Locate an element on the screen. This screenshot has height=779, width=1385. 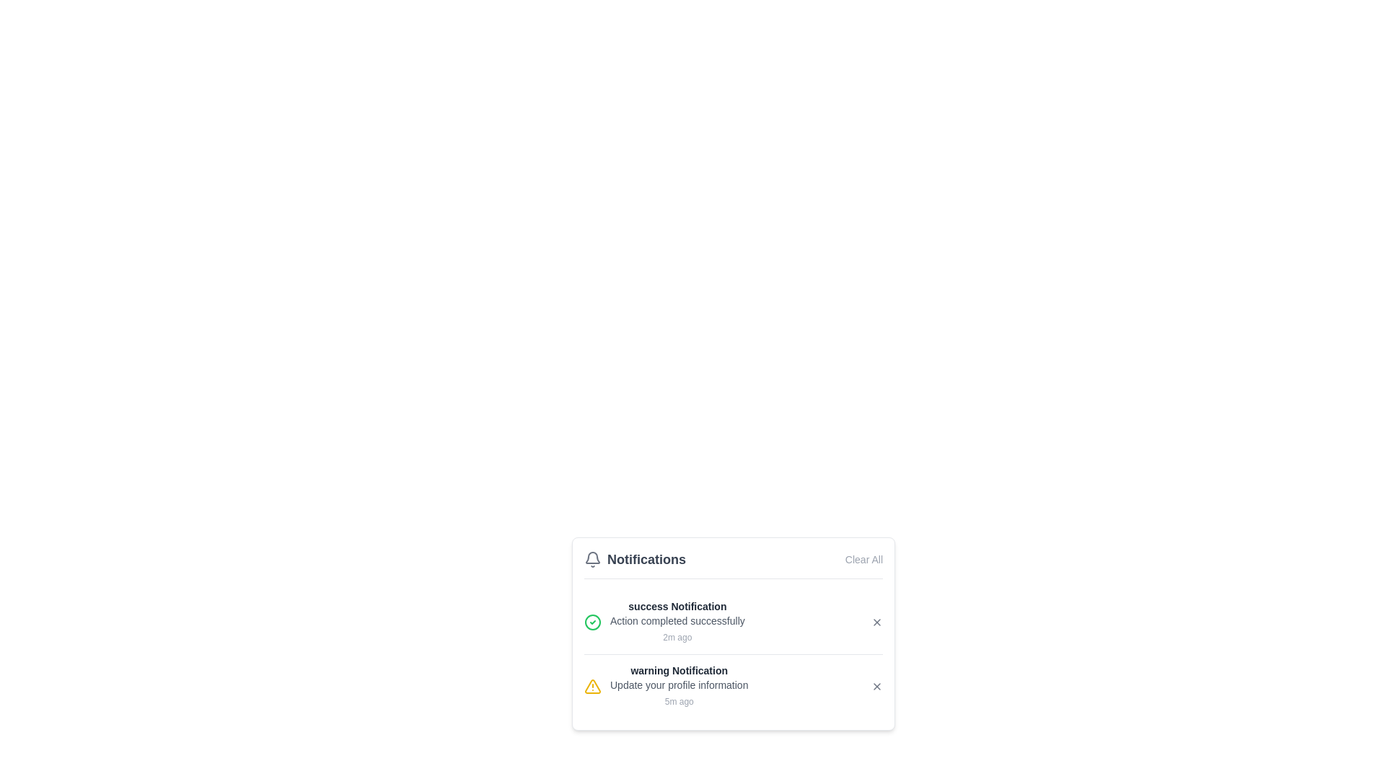
the appearance of the bell icon, which symbolizes notifications and is the first element in the notification header section, located to the left of the 'Notifications' text is located at coordinates (592, 558).